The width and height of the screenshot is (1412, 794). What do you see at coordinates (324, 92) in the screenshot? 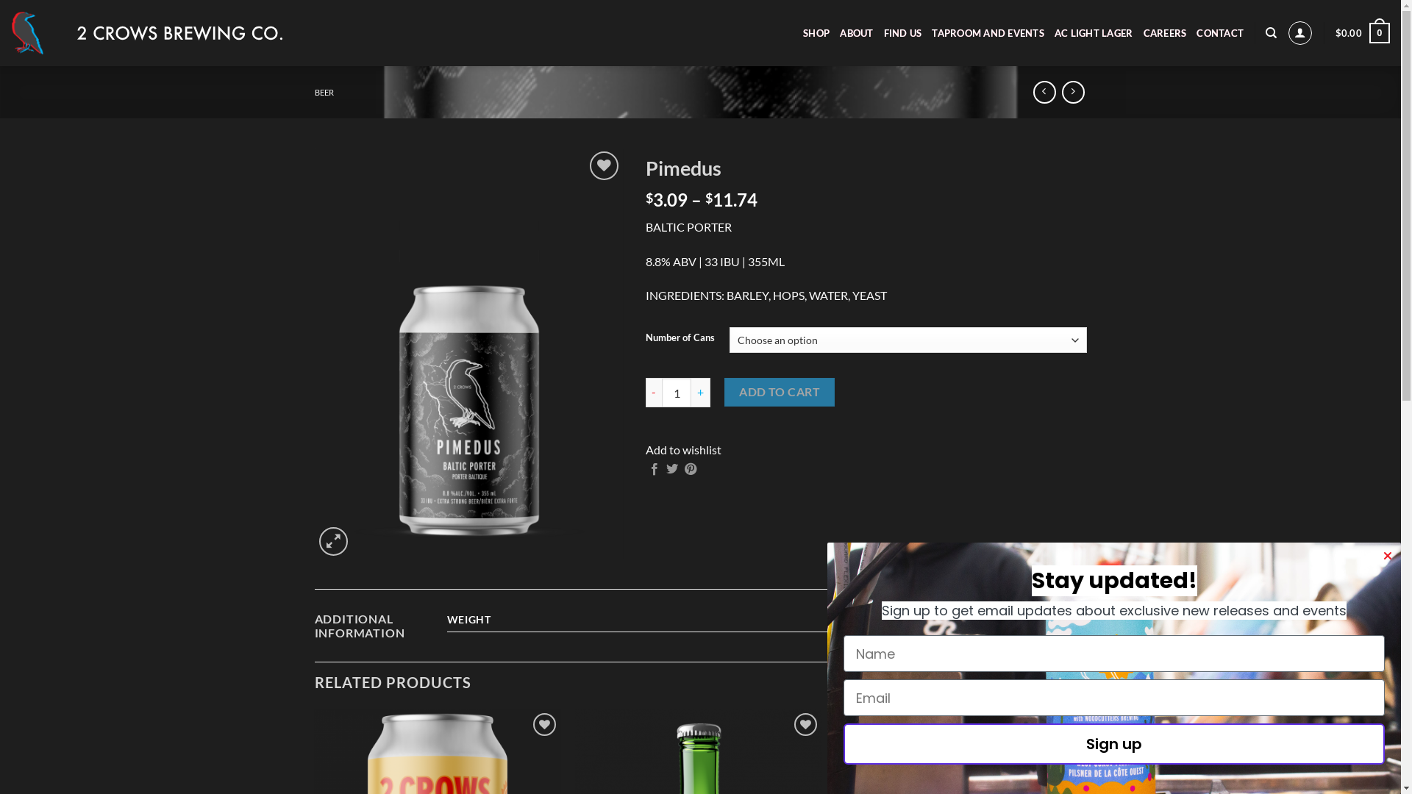
I see `'BEER'` at bounding box center [324, 92].